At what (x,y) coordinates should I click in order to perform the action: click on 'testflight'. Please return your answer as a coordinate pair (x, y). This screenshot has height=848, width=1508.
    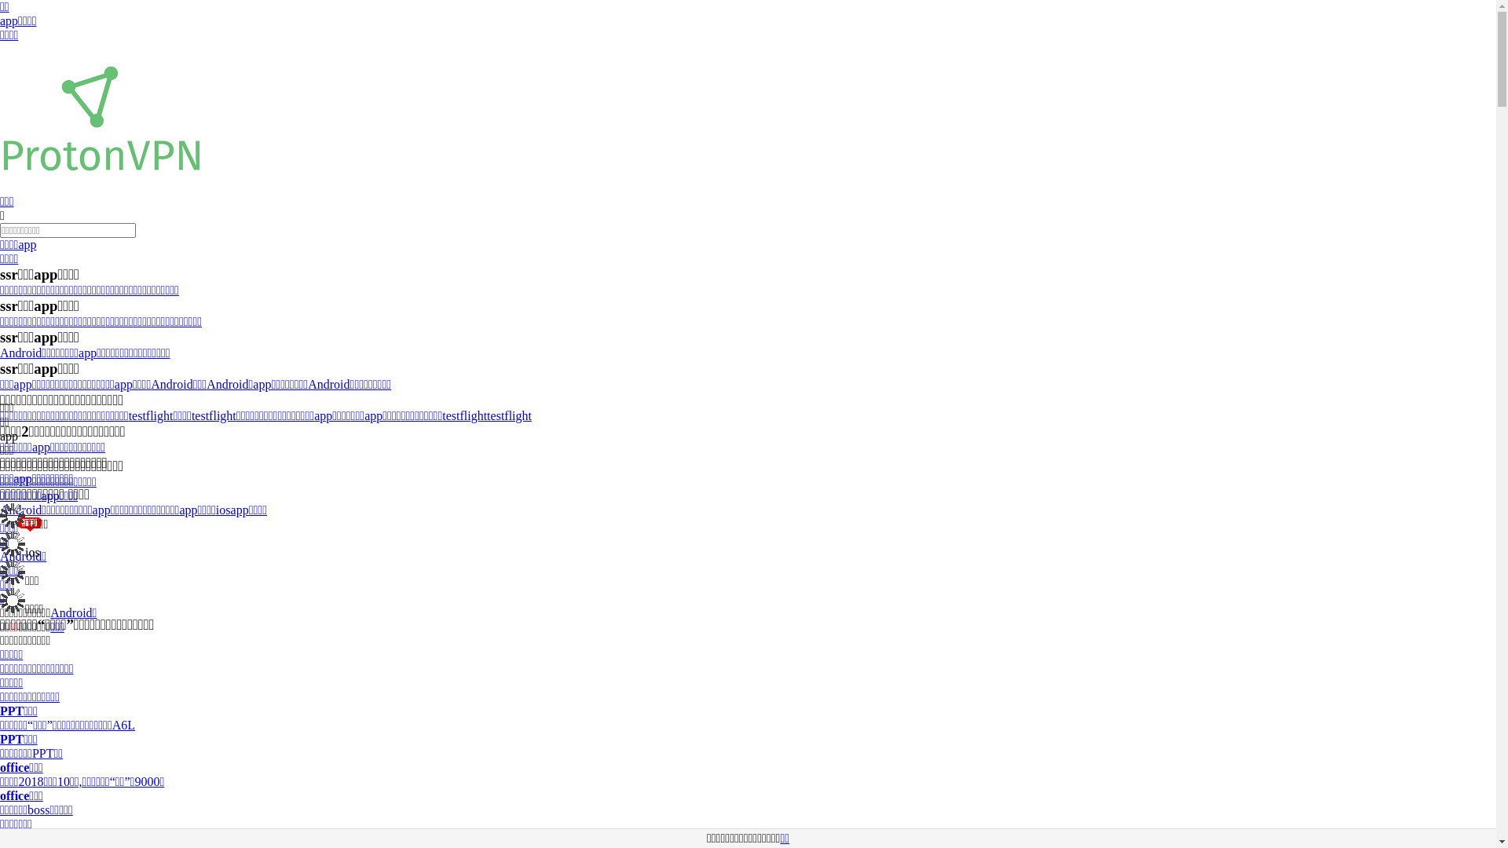
    Looking at the image, I should click on (151, 415).